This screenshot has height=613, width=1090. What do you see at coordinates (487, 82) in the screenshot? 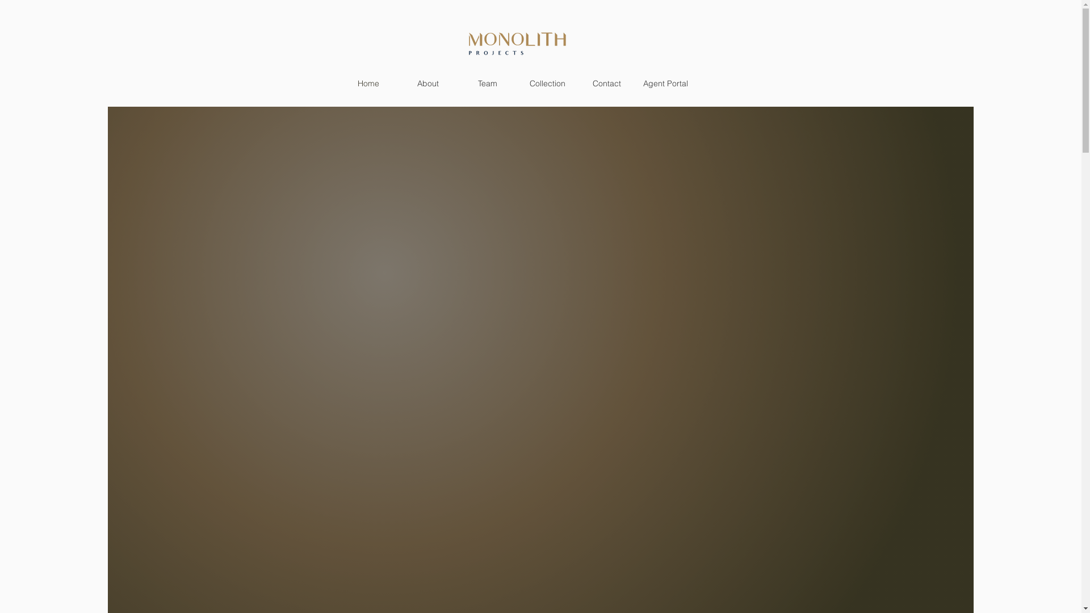
I see `'Team'` at bounding box center [487, 82].